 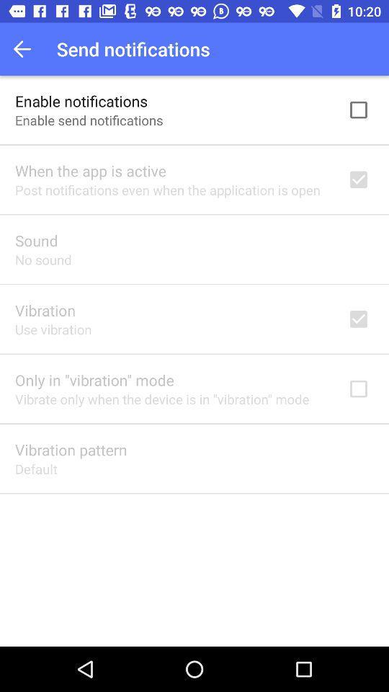 What do you see at coordinates (43, 259) in the screenshot?
I see `app below sound icon` at bounding box center [43, 259].